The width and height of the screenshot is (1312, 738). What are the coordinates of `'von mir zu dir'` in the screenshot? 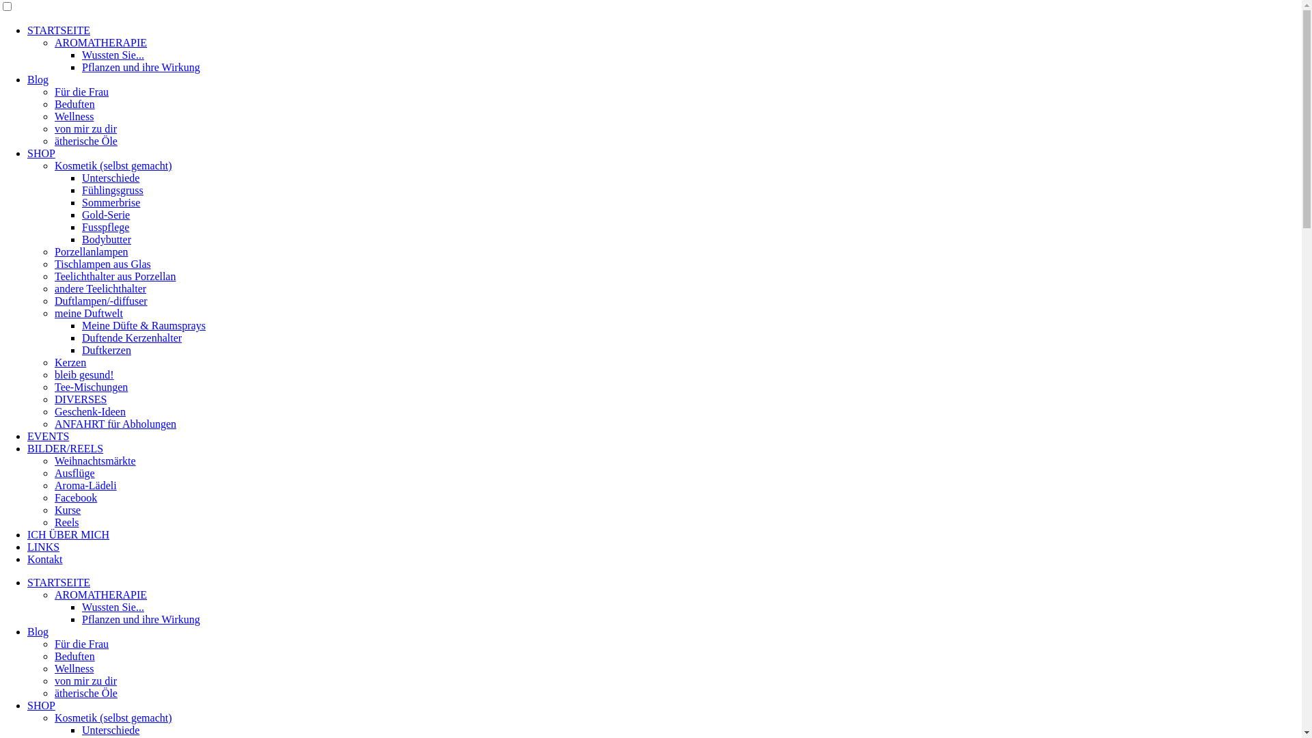 It's located at (85, 128).